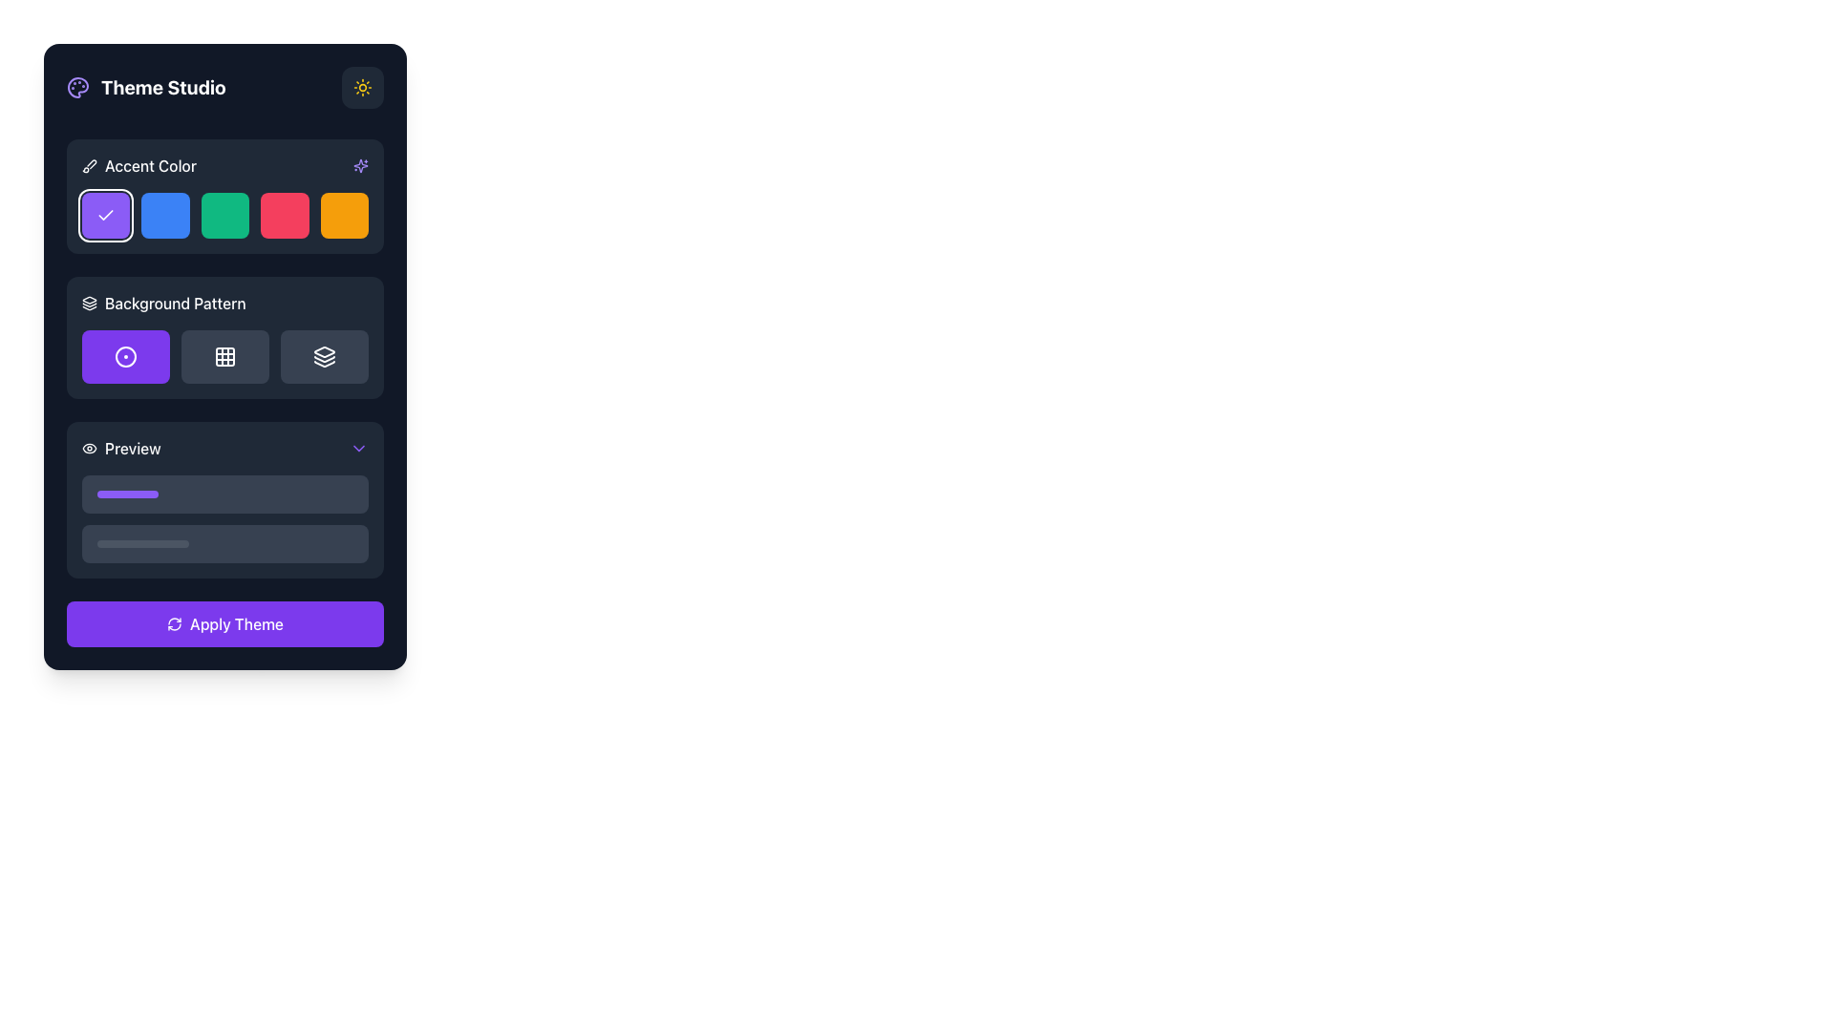 The image size is (1834, 1031). Describe the element at coordinates (224, 357) in the screenshot. I see `the middle button in the 'Background Pattern' group` at that location.